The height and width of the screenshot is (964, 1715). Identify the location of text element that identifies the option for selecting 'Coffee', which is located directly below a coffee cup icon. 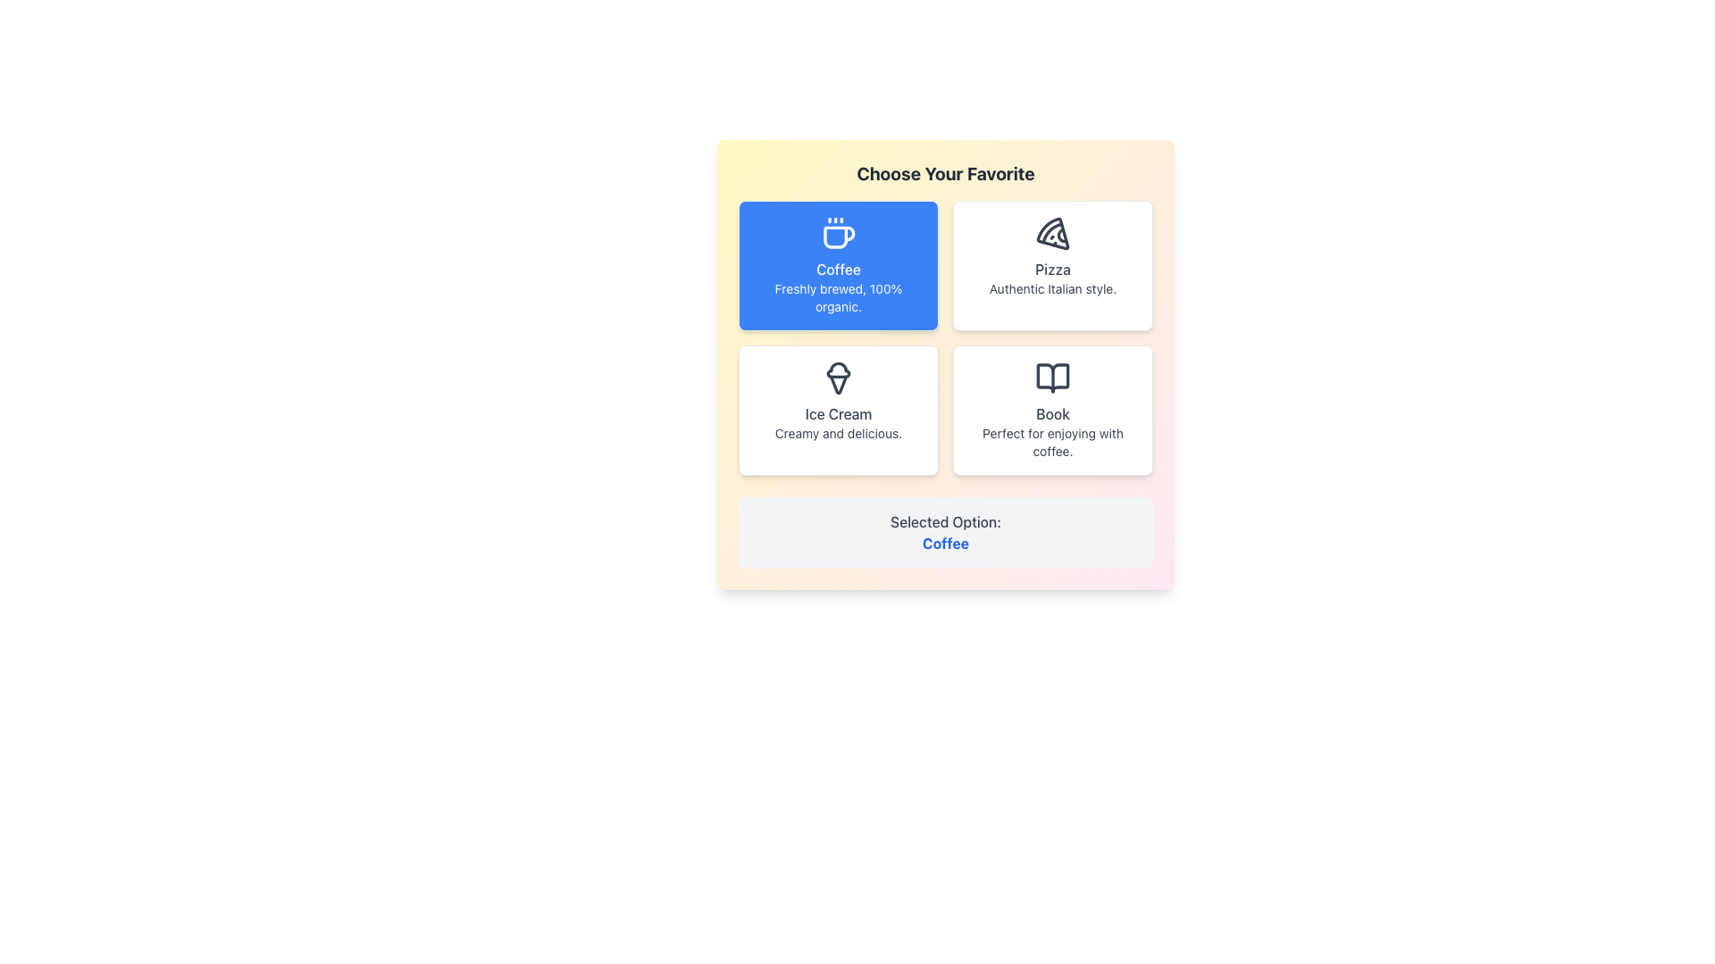
(838, 269).